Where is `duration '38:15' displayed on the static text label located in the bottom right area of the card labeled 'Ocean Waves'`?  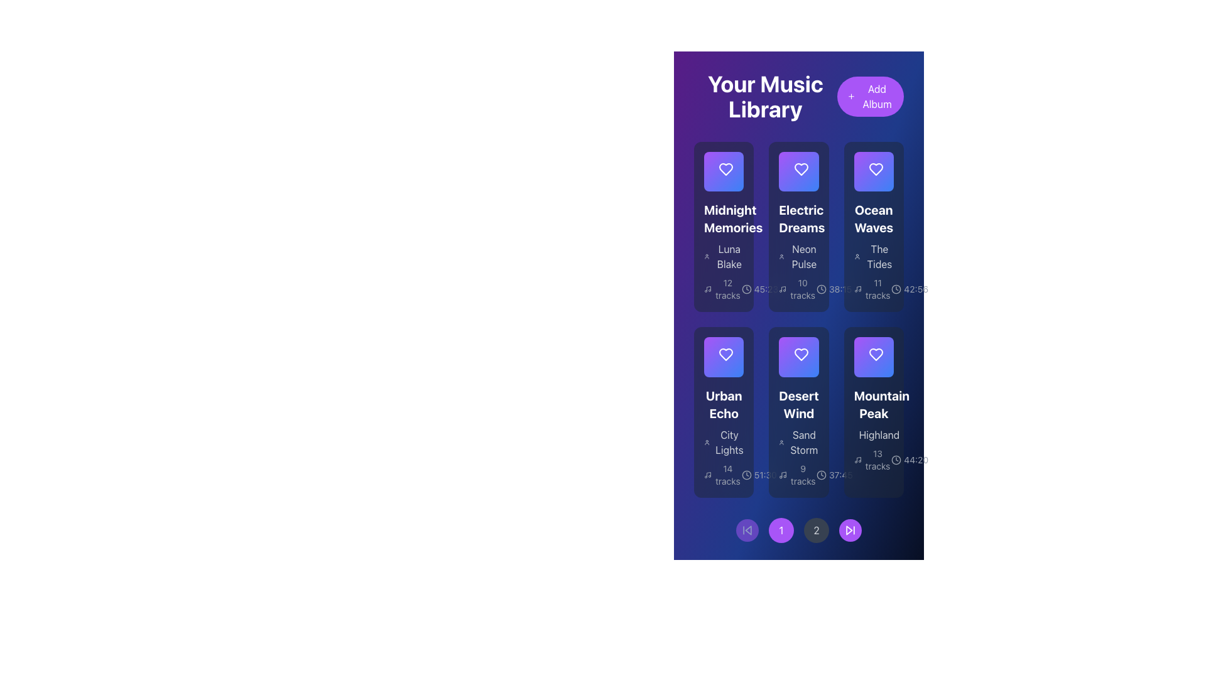 duration '38:15' displayed on the static text label located in the bottom right area of the card labeled 'Ocean Waves' is located at coordinates (840, 289).